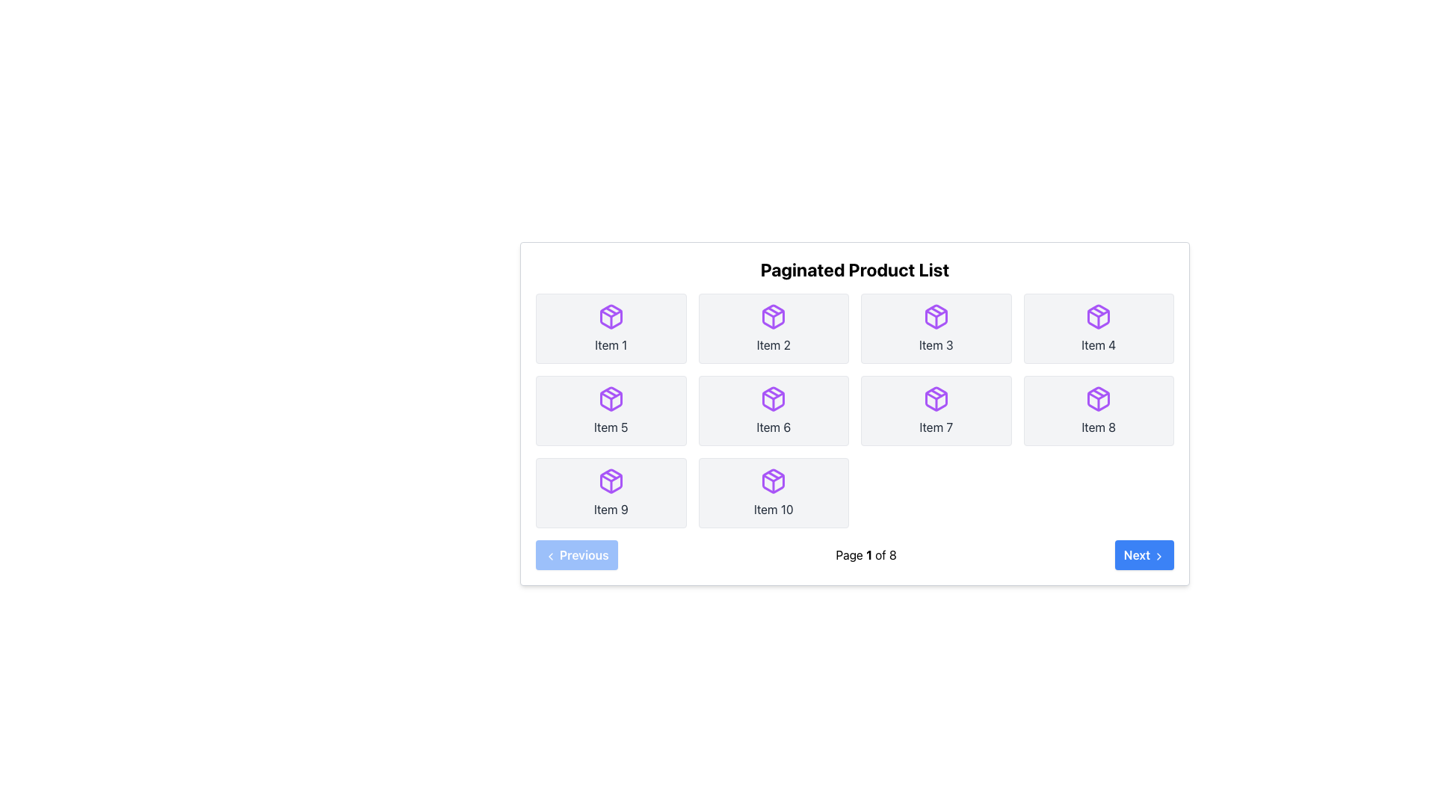 The image size is (1435, 807). Describe the element at coordinates (575, 555) in the screenshot. I see `the 'Previous Page' button located in the bottom-left corner of the paginated product list interface` at that location.